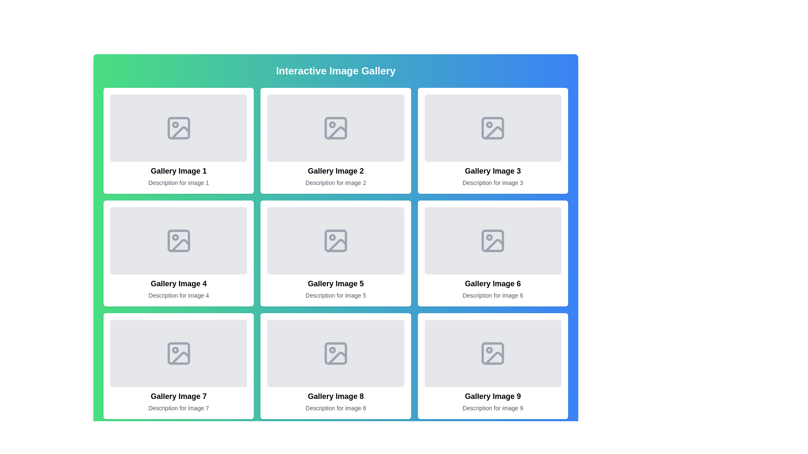 Image resolution: width=808 pixels, height=454 pixels. I want to click on the image placeholder located in the ninth position of the 3x3 grid in the 'Interactive Image Gallery' section as a visual reference, so click(493, 353).